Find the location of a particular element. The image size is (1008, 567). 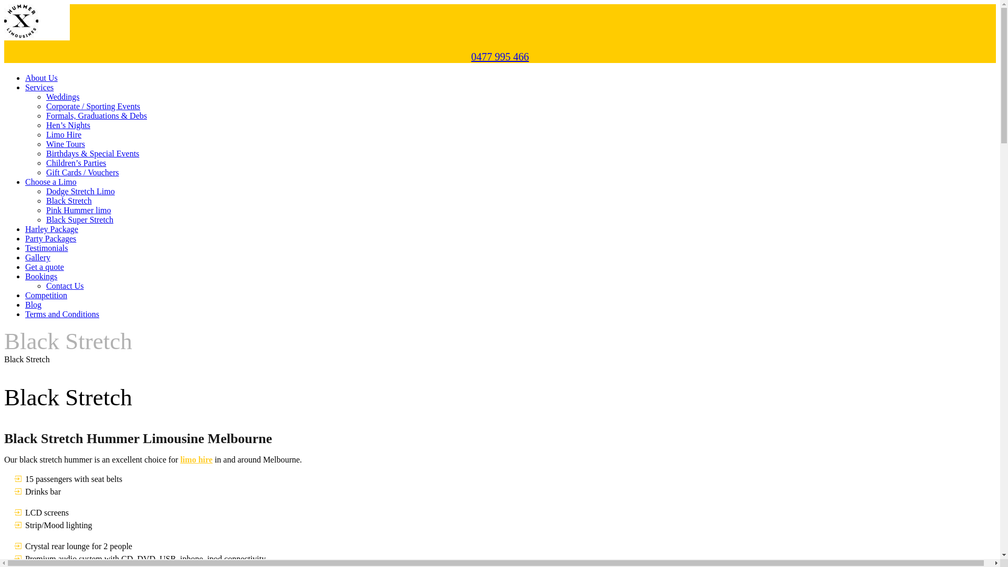

'About Us' is located at coordinates (41, 77).